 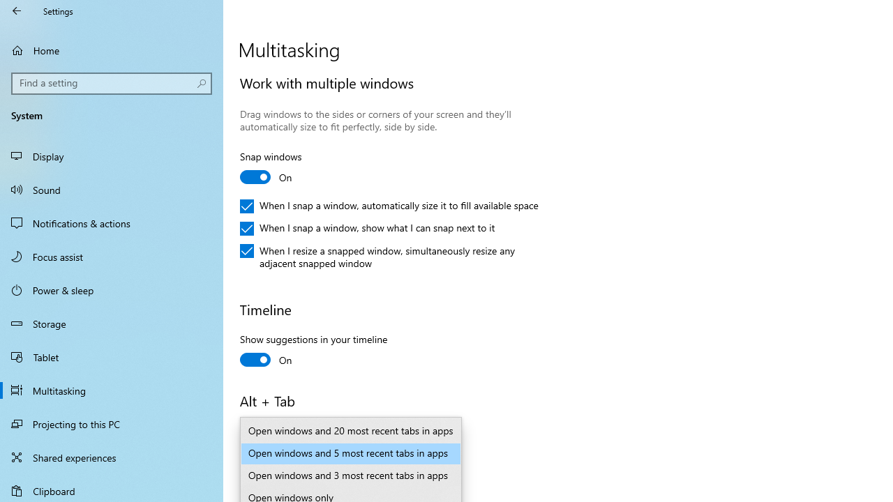 I want to click on 'Open windows and 3 most recent tabs in apps', so click(x=351, y=475).